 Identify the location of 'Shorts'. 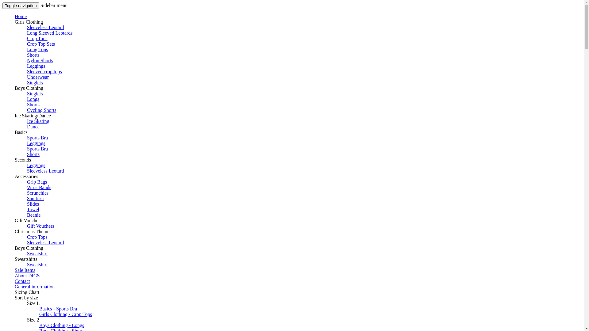
(26, 154).